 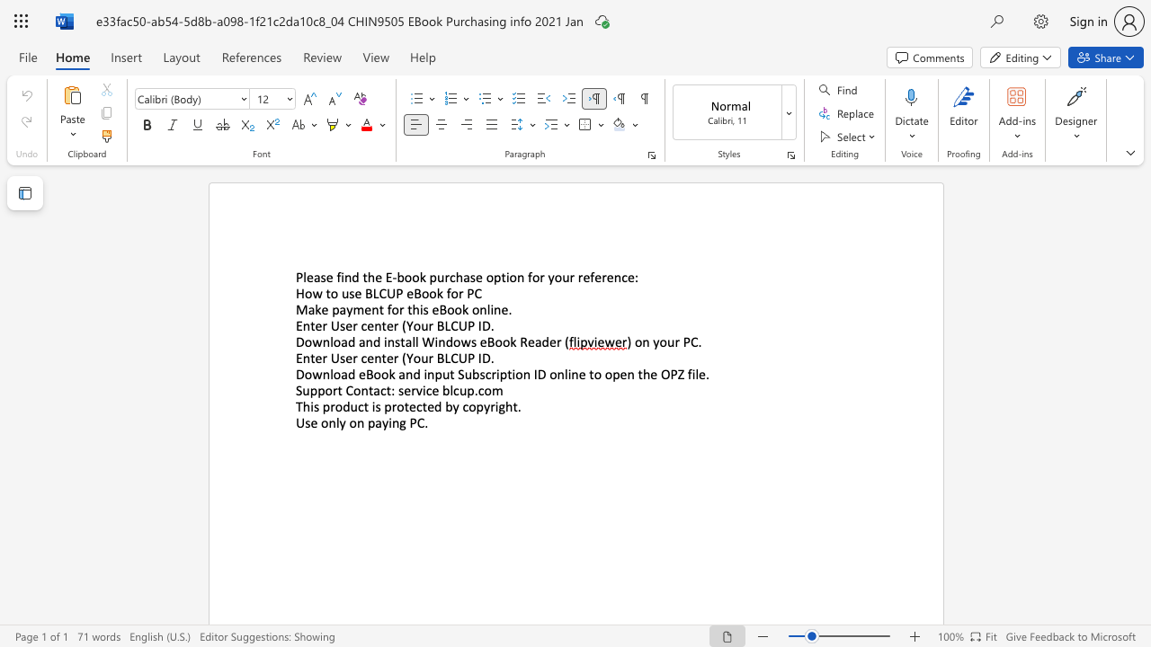 I want to click on the subset text "BLC" within the text "Enter User center (Your BLCUP ID", so click(x=436, y=325).